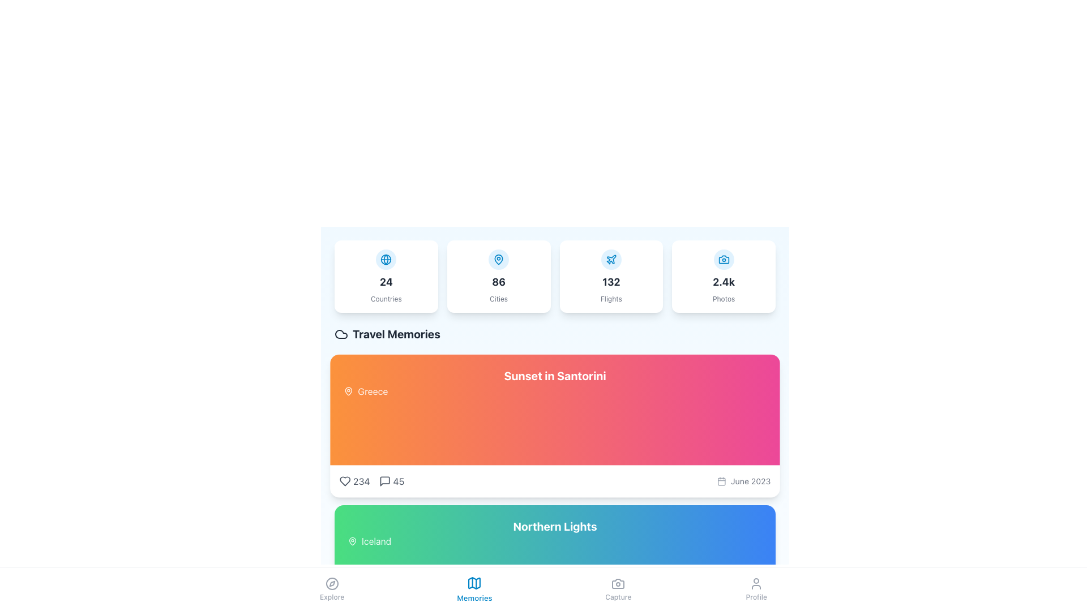  Describe the element at coordinates (373, 390) in the screenshot. I see `the text label displaying 'Greece' on an orange background` at that location.